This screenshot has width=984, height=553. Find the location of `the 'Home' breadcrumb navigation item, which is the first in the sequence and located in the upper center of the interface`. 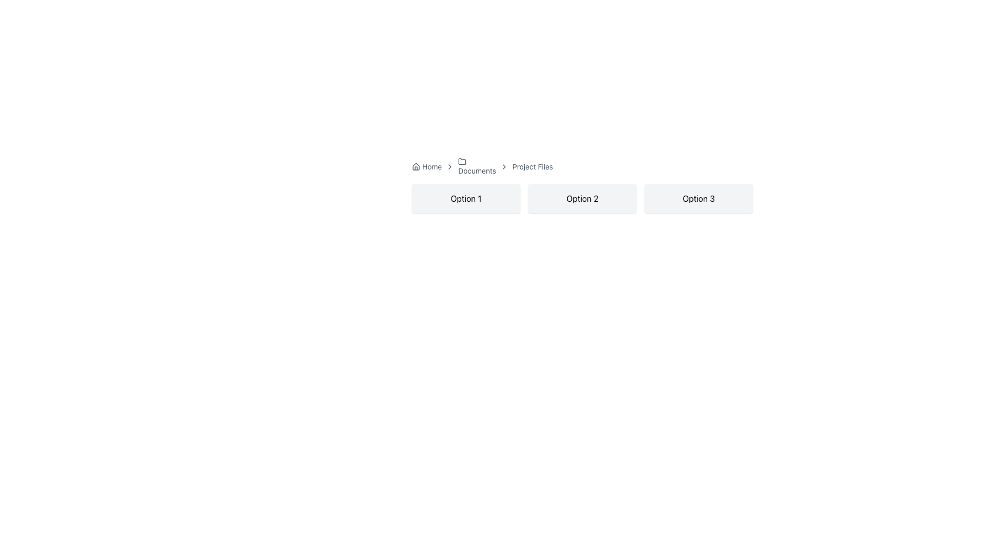

the 'Home' breadcrumb navigation item, which is the first in the sequence and located in the upper center of the interface is located at coordinates (427, 166).